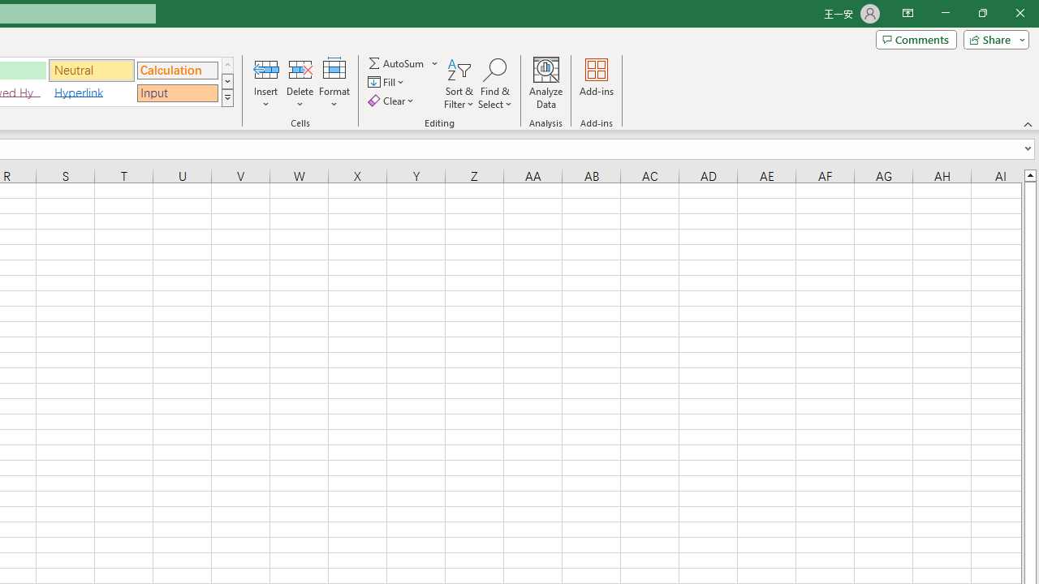 This screenshot has height=584, width=1039. What do you see at coordinates (945, 13) in the screenshot?
I see `'Minimize'` at bounding box center [945, 13].